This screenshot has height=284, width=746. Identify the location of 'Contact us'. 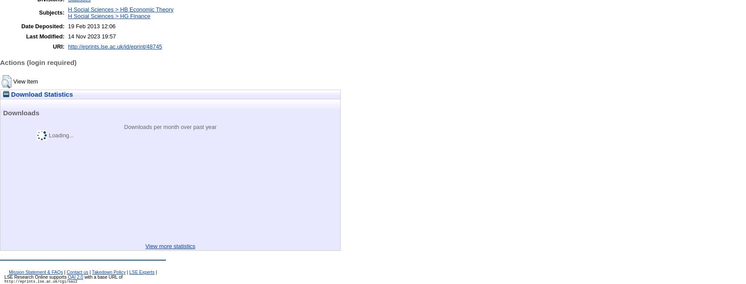
(66, 271).